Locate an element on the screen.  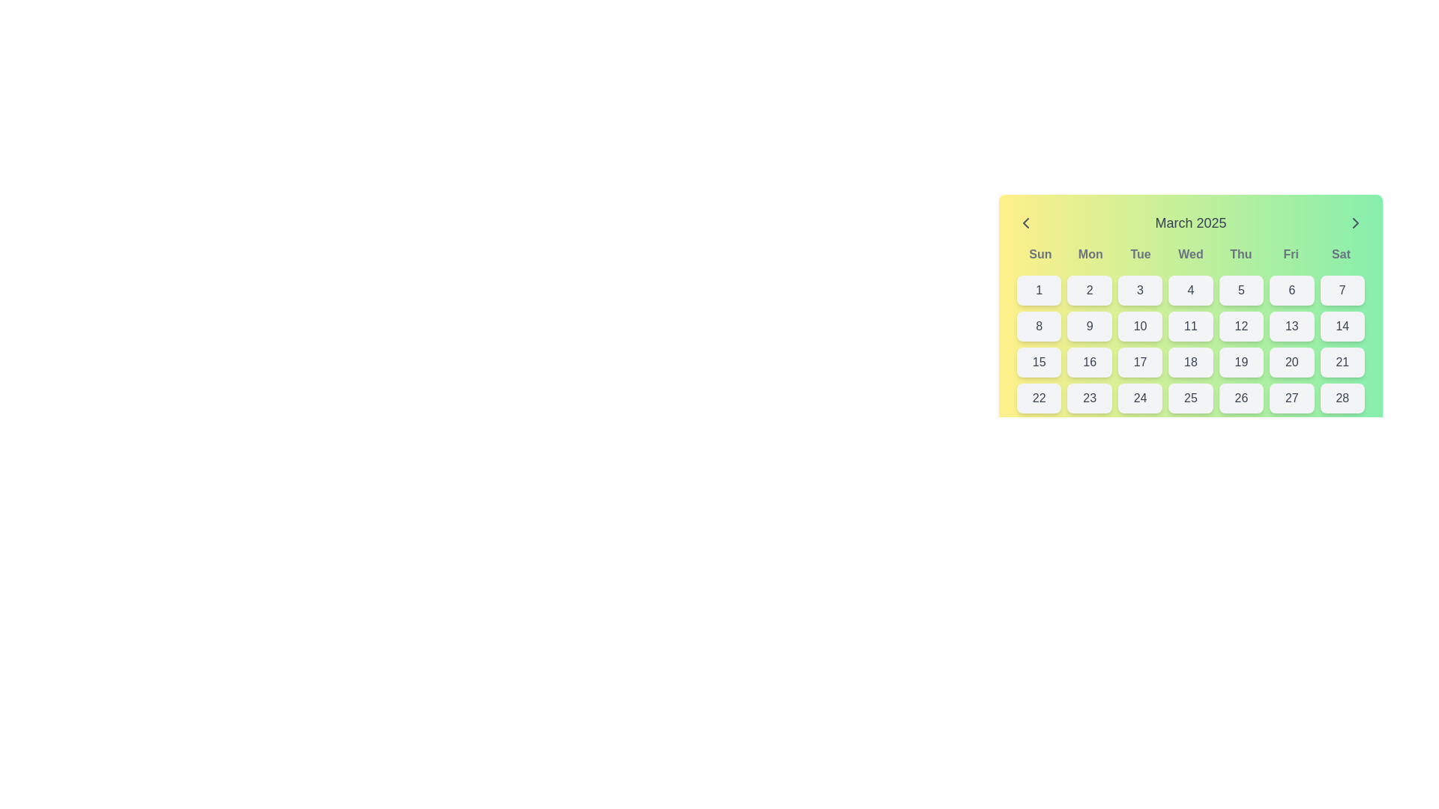
the button representing the 16th day of the month in the calendar layout is located at coordinates (1090, 362).